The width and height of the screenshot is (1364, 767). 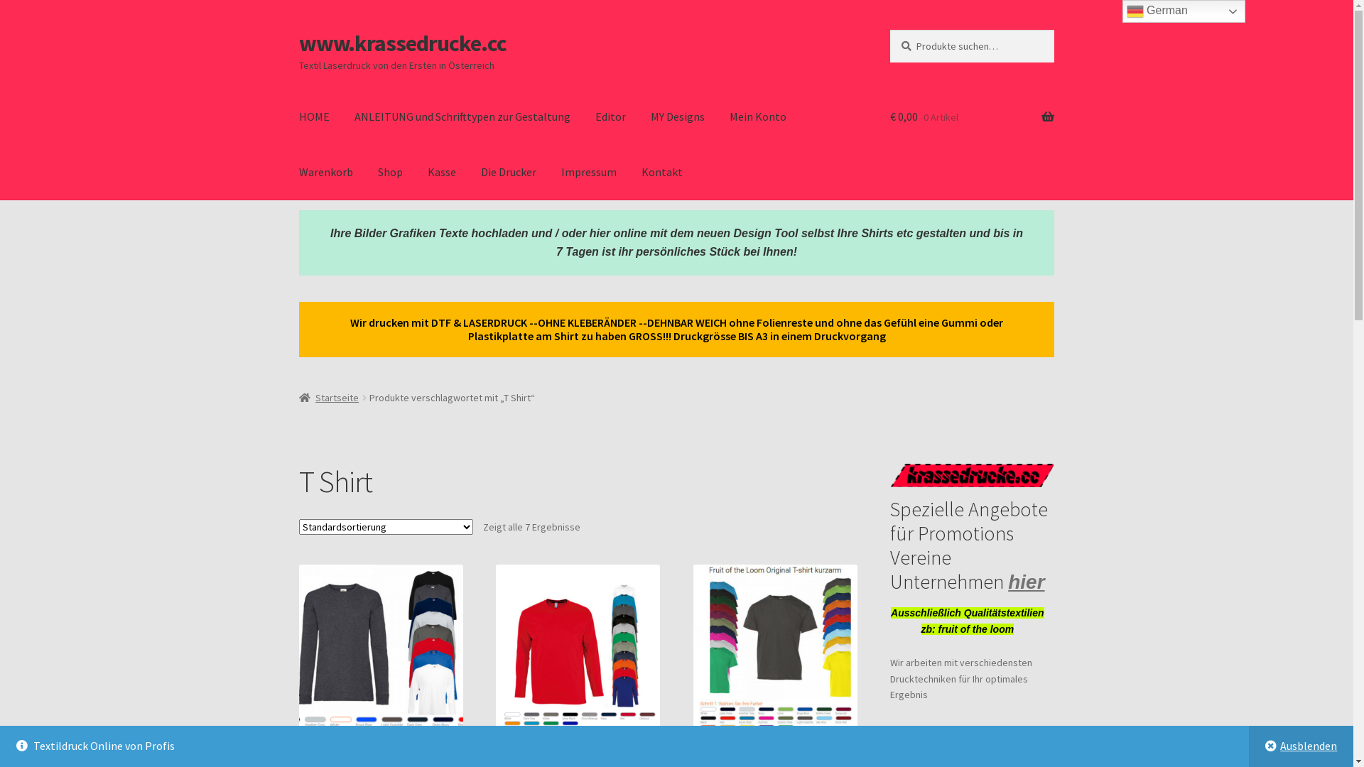 I want to click on 'www.krassedrucke.cc', so click(x=401, y=43).